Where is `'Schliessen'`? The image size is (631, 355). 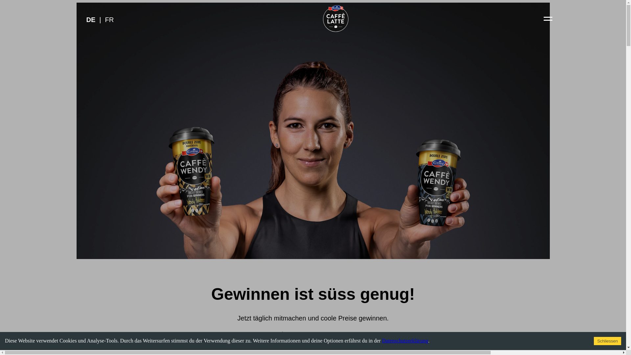 'Schliessen' is located at coordinates (594, 341).